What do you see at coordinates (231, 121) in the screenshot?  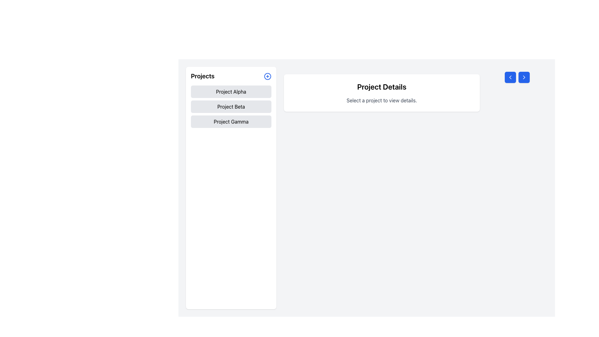 I see `the button representing 'Project Gamma' in the project list` at bounding box center [231, 121].